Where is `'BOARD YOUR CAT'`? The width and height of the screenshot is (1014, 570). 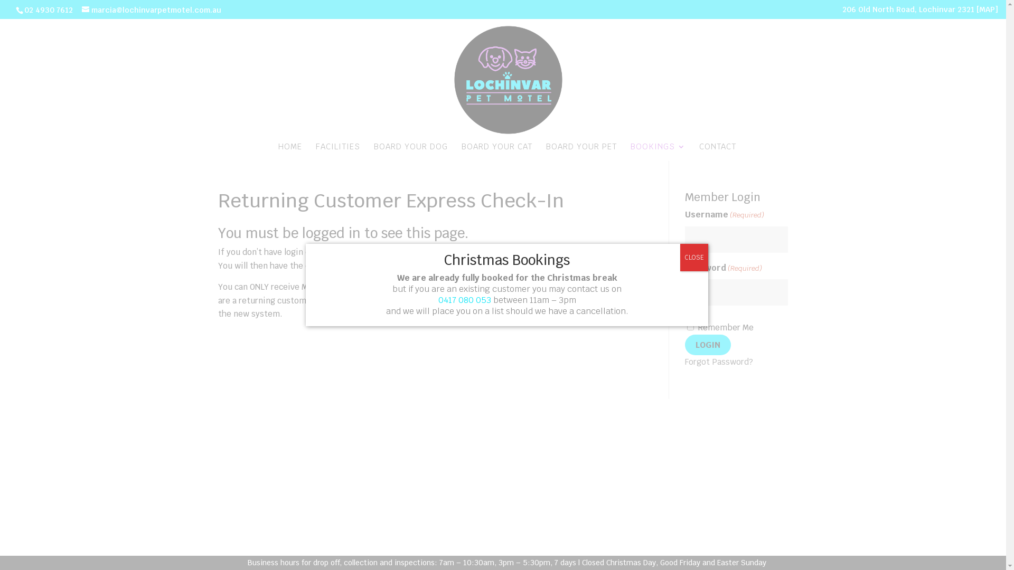 'BOARD YOUR CAT' is located at coordinates (496, 152).